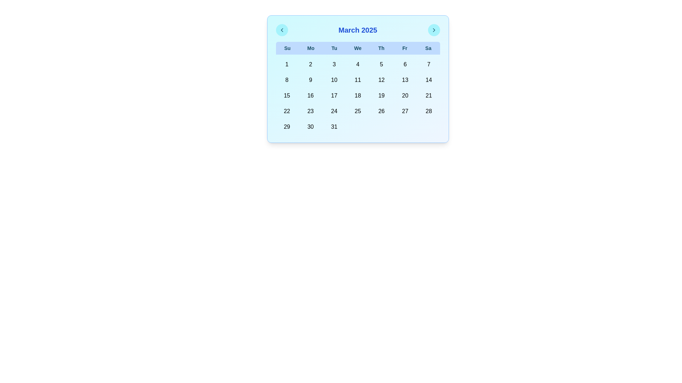 The width and height of the screenshot is (682, 383). Describe the element at coordinates (405, 111) in the screenshot. I see `the interactive calendar cell displaying the date '27'` at that location.